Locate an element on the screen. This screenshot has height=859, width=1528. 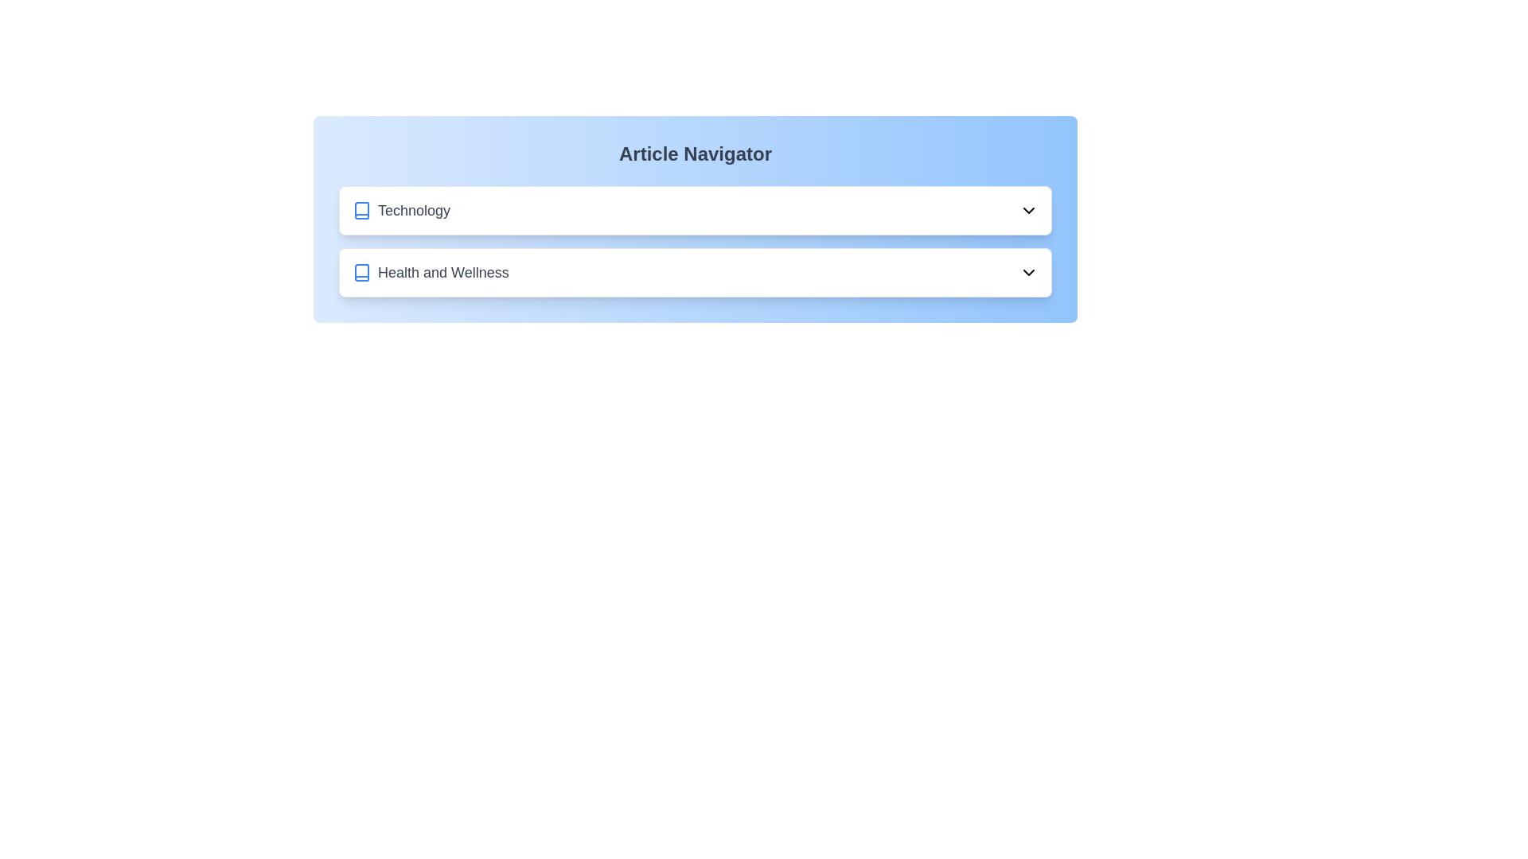
the downward-facing chevron icon located at the far right of the 'Health and Wellness' section is located at coordinates (1028, 272).